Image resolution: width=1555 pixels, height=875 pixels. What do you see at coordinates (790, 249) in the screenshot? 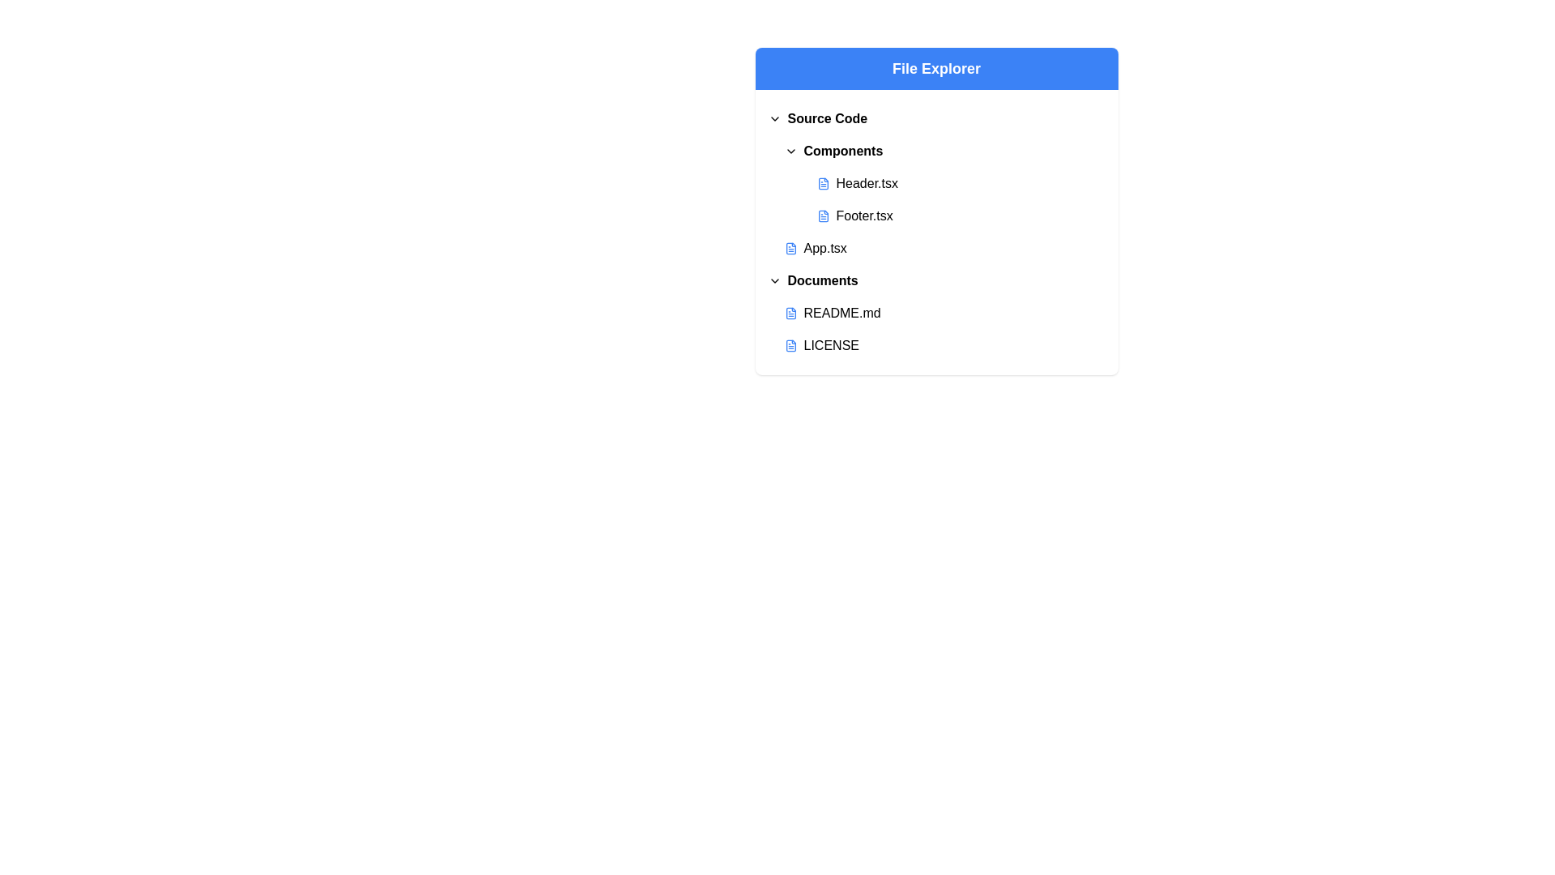
I see `the blue document icon located to the left of the 'App.tsx' text` at bounding box center [790, 249].